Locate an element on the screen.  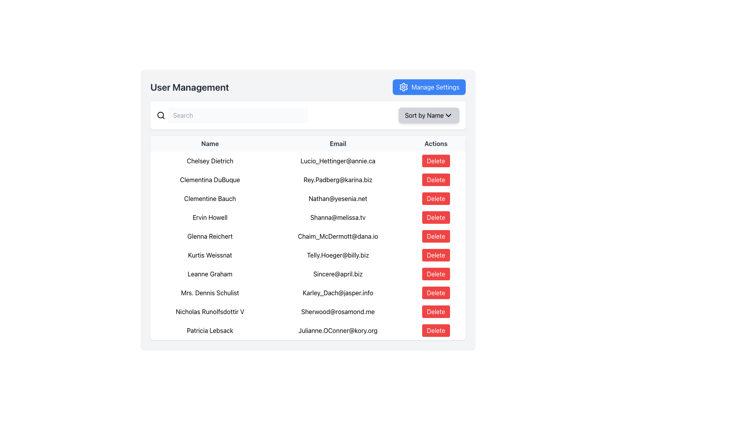
the email text display 'Sherwood@rosamond.me' located in the 'Email' column of the user management table for the user 'Nicholas Runolfsdottir V' is located at coordinates (338, 311).